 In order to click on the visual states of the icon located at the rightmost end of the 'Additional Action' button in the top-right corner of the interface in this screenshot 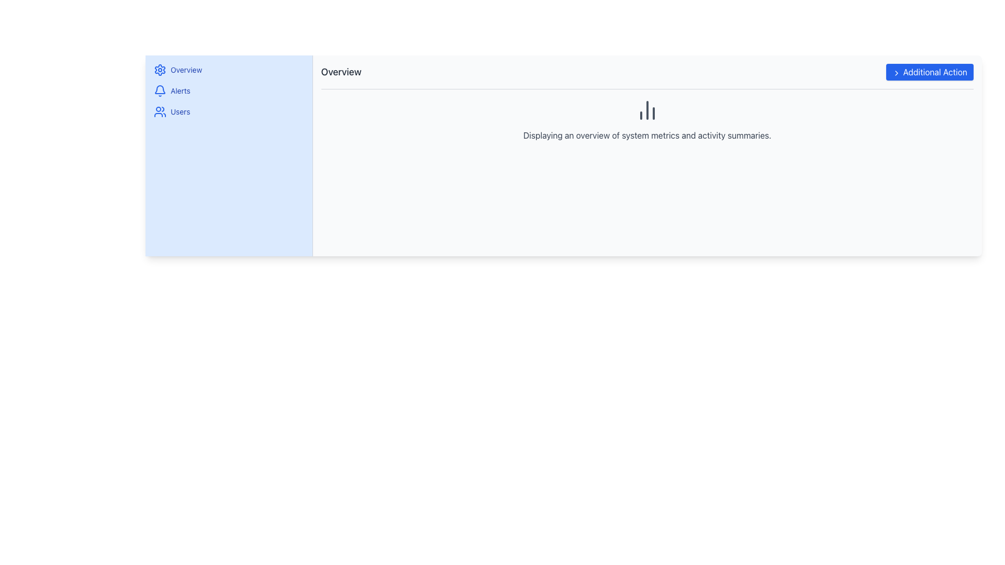, I will do `click(896, 72)`.